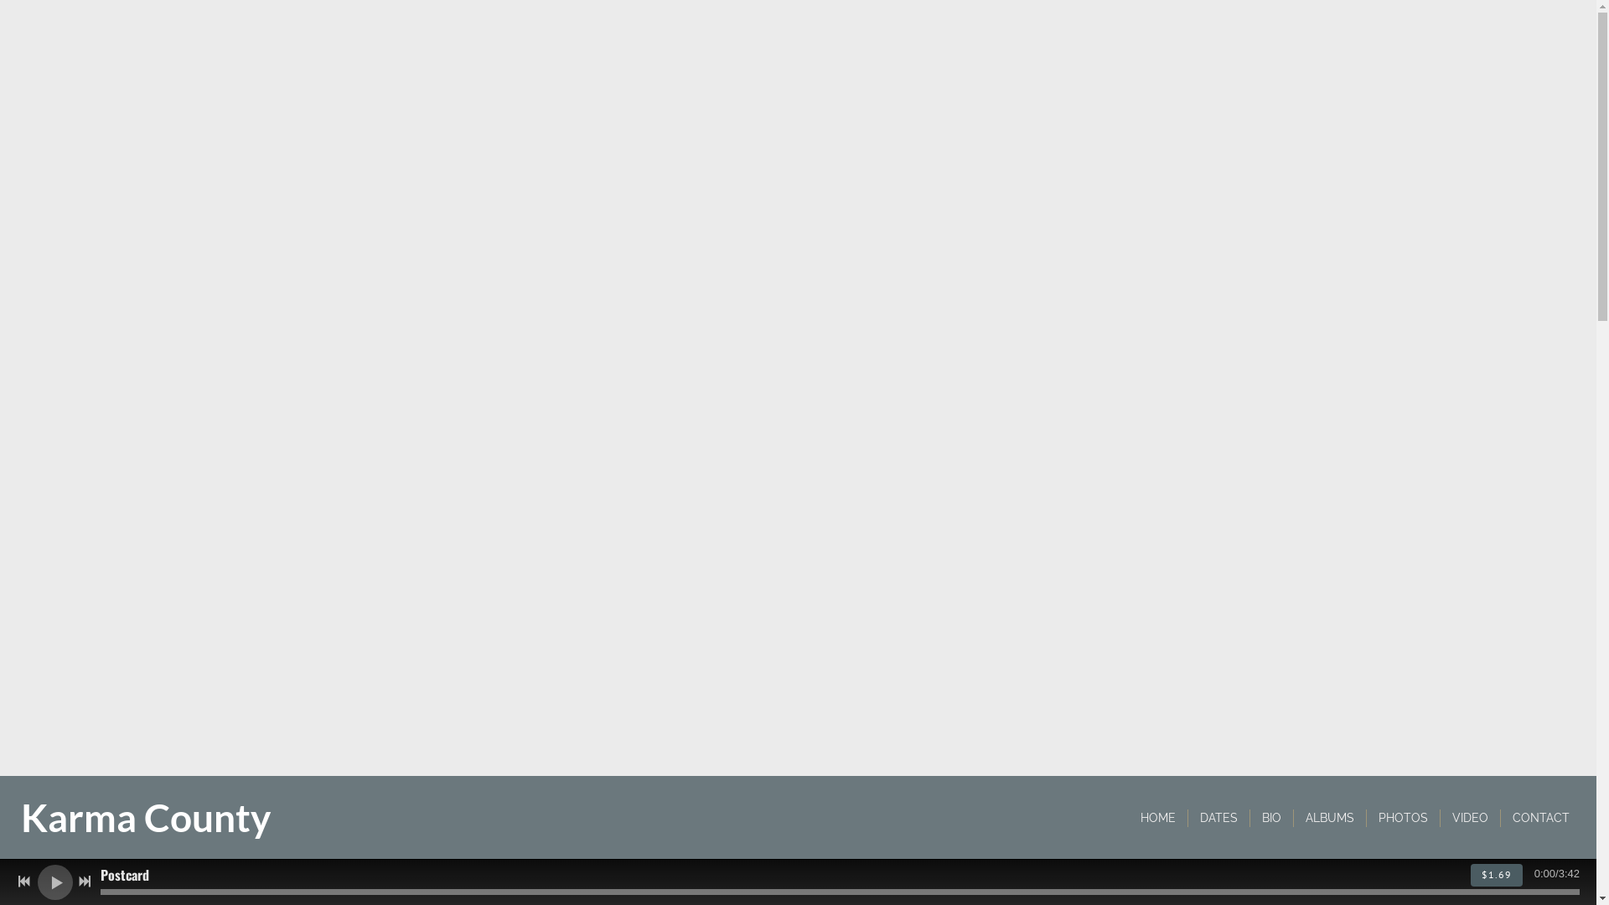 The height and width of the screenshot is (905, 1609). Describe the element at coordinates (23, 881) in the screenshot. I see `'Previous track'` at that location.